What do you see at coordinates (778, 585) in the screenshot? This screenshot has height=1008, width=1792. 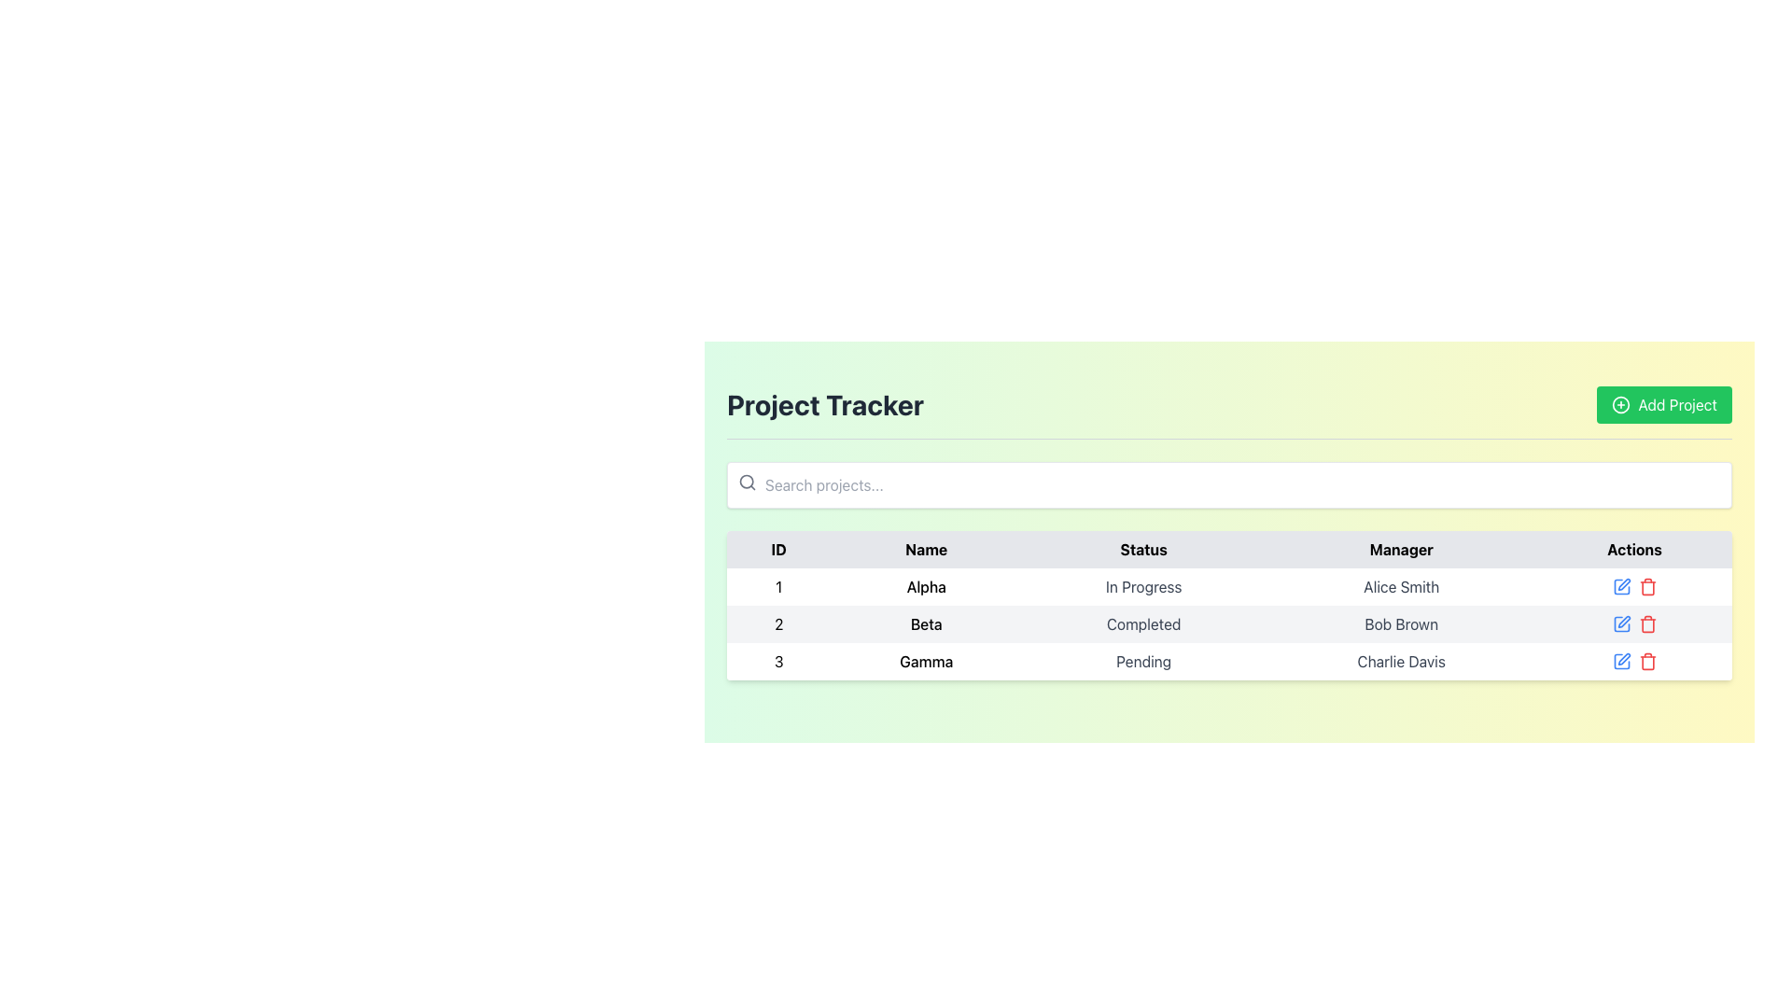 I see `the text label displaying the numeral '1' in the first column labeled 'ID' of the top row in the table` at bounding box center [778, 585].